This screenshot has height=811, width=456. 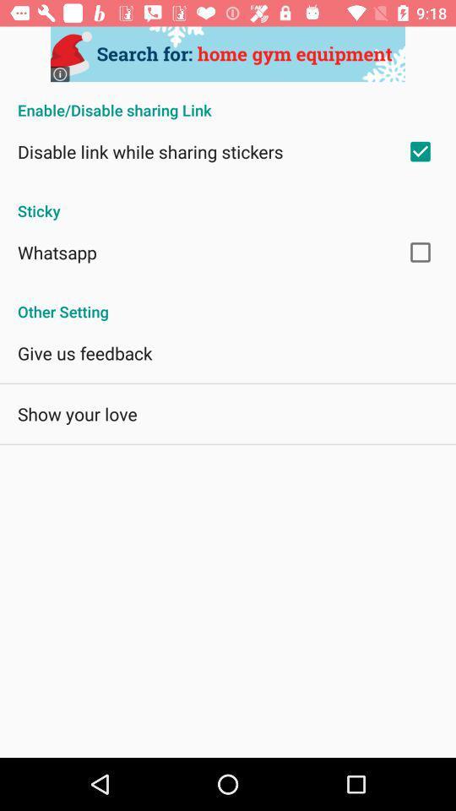 What do you see at coordinates (228, 54) in the screenshot?
I see `advertisement to search home gym equipment` at bounding box center [228, 54].